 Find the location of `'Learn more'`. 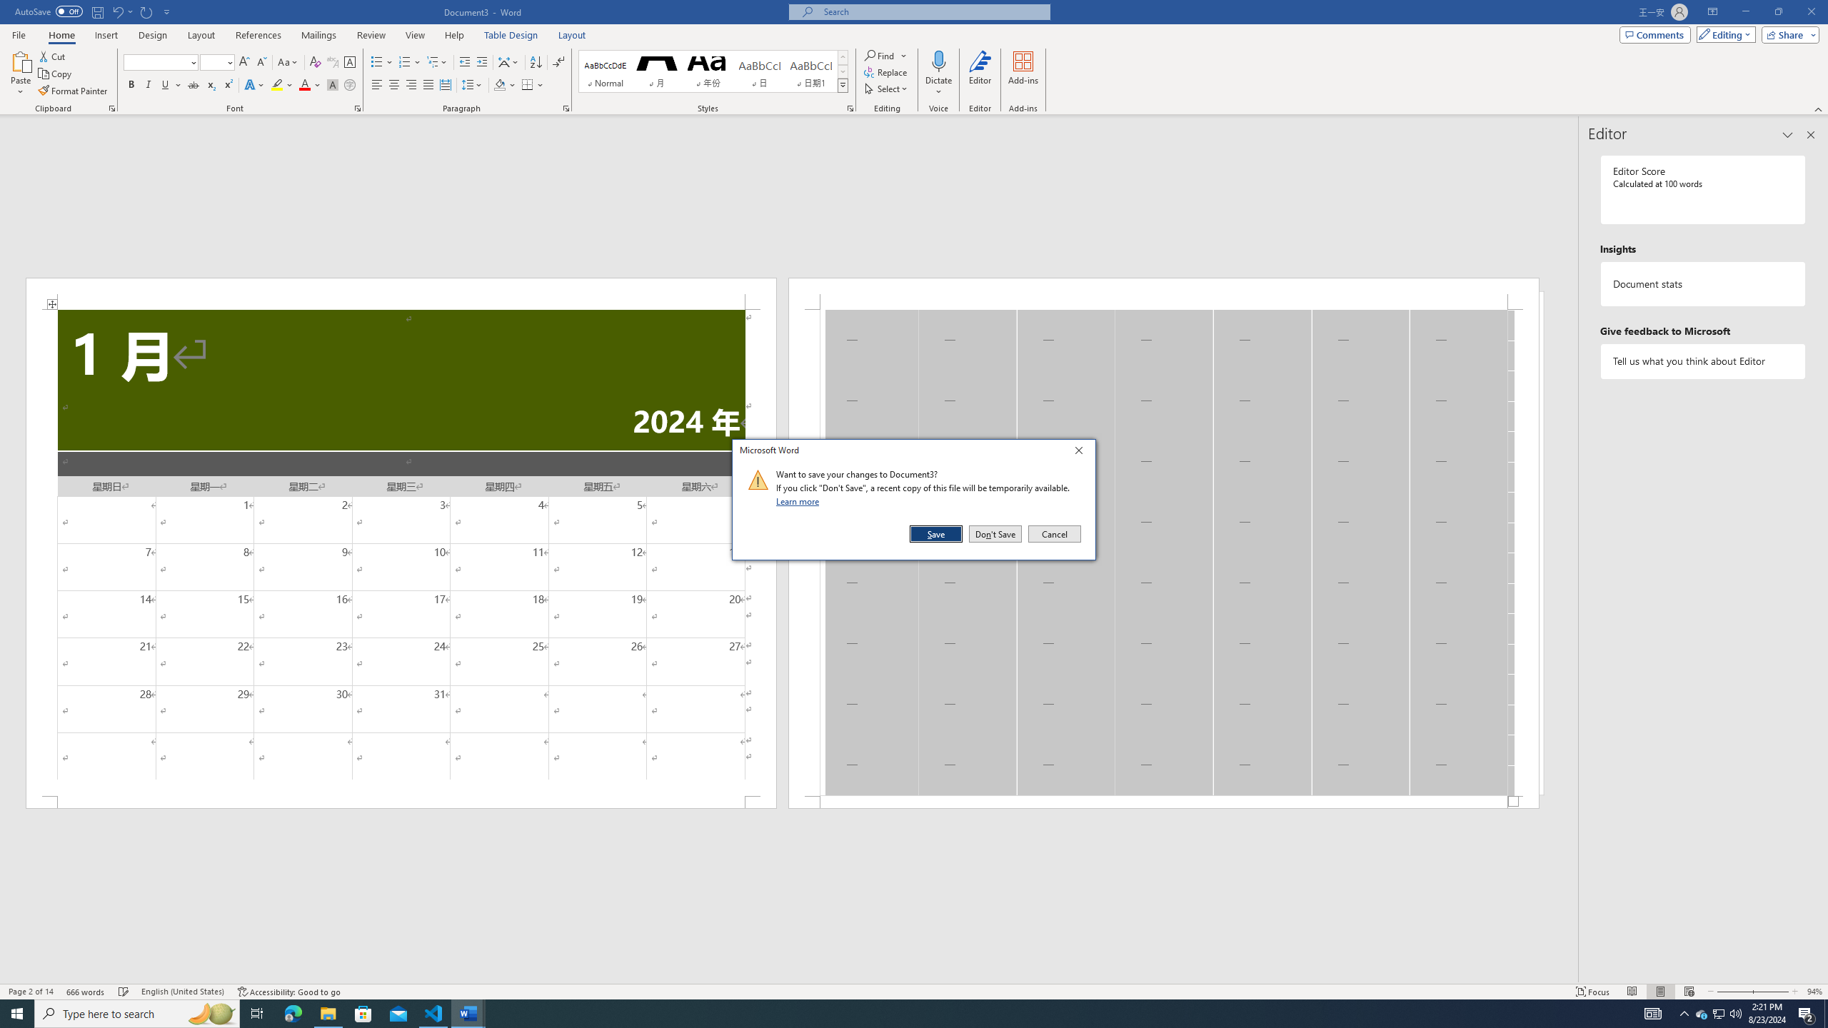

'Learn more' is located at coordinates (800, 500).